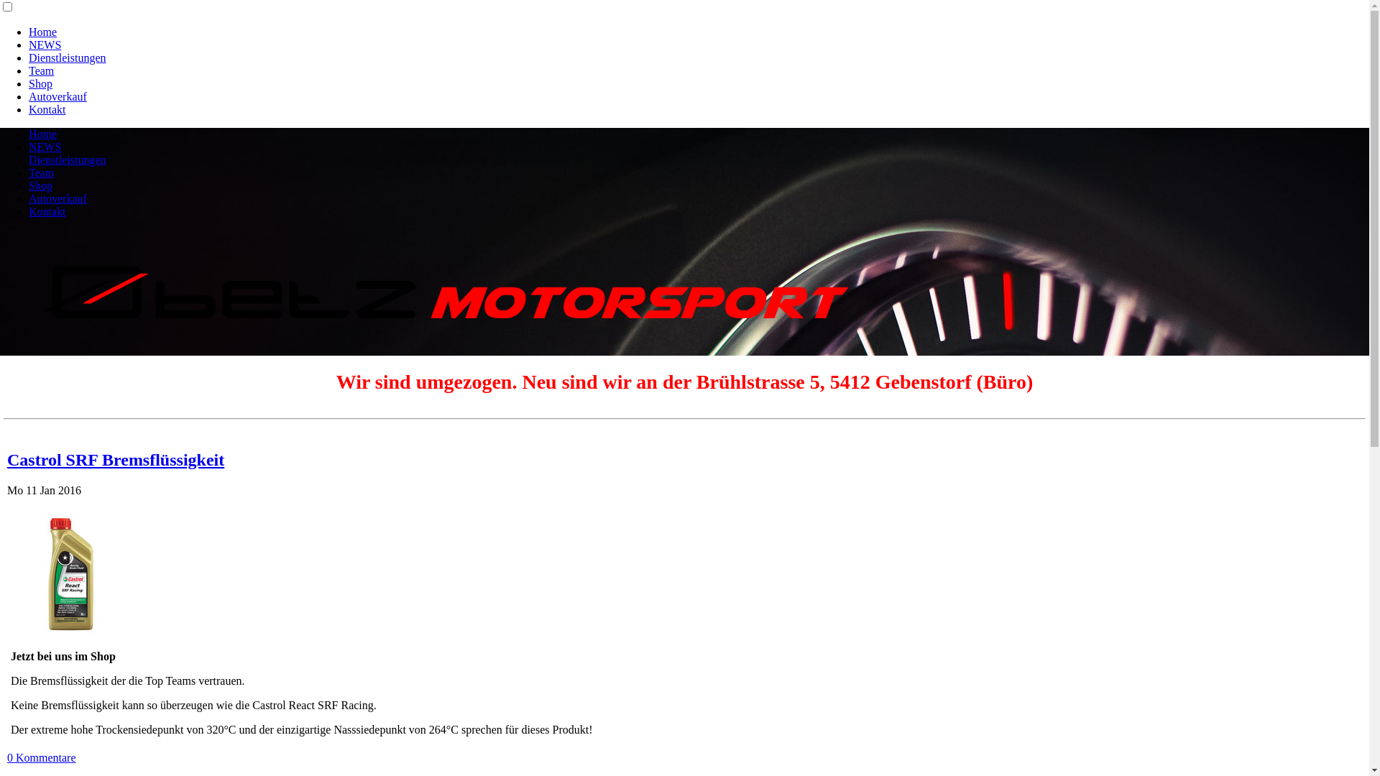 This screenshot has height=776, width=1380. Describe the element at coordinates (40, 83) in the screenshot. I see `'Shop'` at that location.